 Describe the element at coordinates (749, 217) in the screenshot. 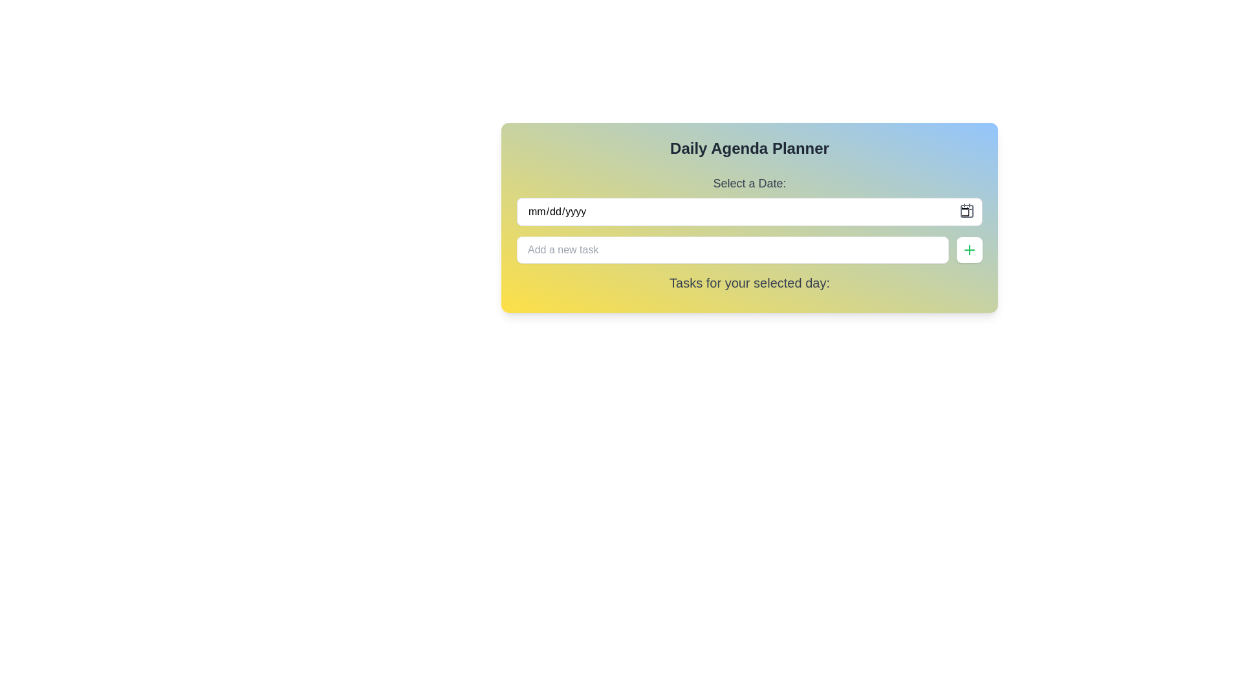

I see `the date field in the 'Daily Agenda Planner' UI card to pick a date` at that location.